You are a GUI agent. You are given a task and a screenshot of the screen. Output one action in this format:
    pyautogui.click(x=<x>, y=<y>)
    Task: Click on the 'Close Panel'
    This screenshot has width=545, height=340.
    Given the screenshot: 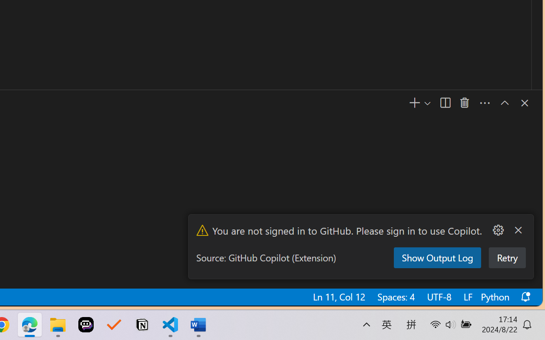 What is the action you would take?
    pyautogui.click(x=523, y=102)
    